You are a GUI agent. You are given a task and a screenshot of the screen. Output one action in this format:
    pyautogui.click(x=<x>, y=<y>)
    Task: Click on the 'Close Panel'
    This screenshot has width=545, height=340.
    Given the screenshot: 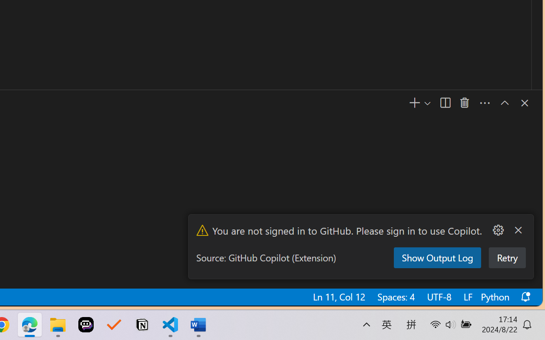 What is the action you would take?
    pyautogui.click(x=523, y=102)
    